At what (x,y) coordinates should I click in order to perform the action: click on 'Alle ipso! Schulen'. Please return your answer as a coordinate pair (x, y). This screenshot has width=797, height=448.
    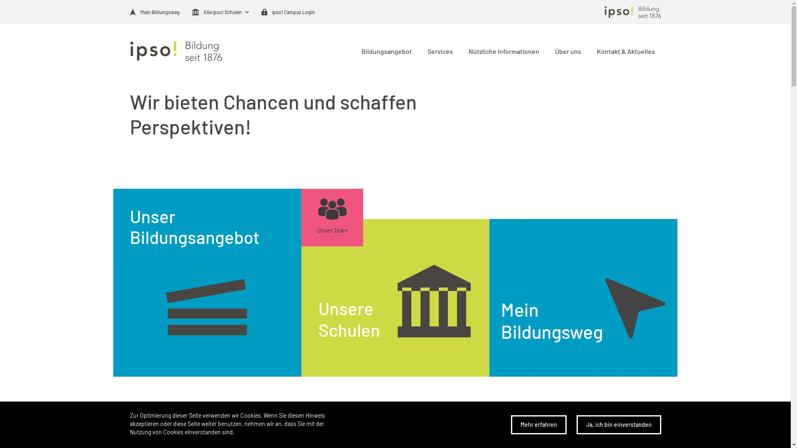
    Looking at the image, I should click on (217, 12).